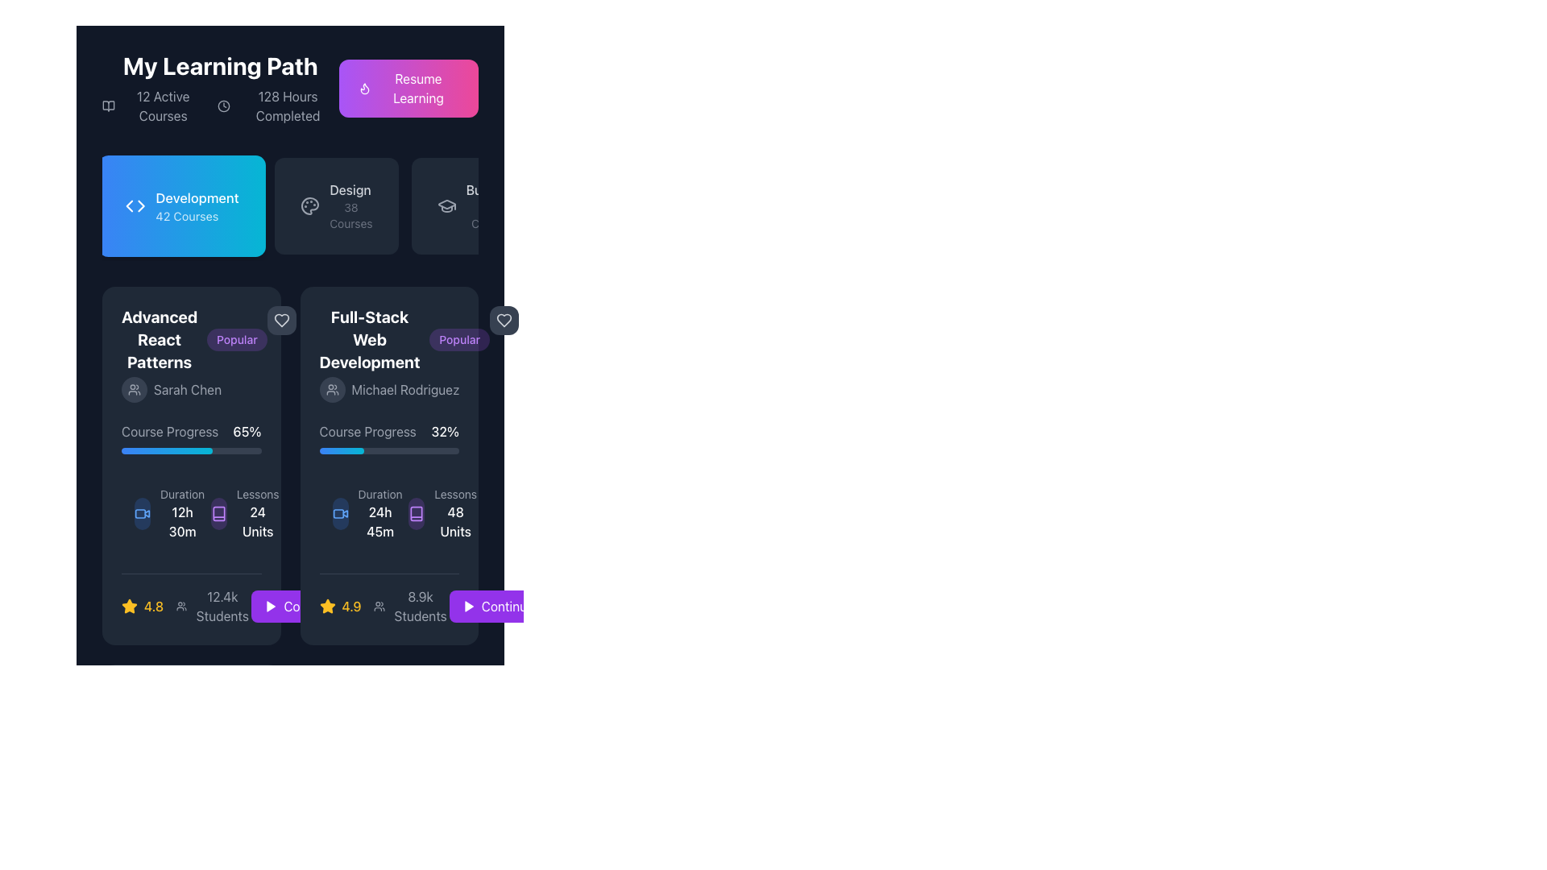 This screenshot has height=870, width=1547. I want to click on the 'Duration' text display element which shows '24h 45m' in bold white font, located in the lower-left section of the 'Full-Stack Web Development' course card, so click(379, 513).